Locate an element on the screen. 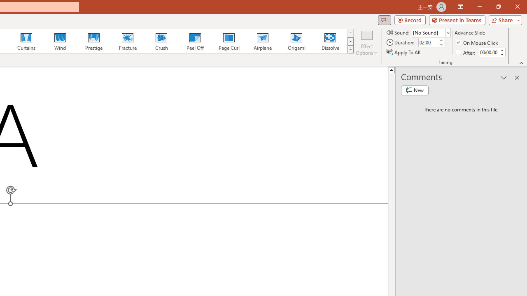  'Peel Off' is located at coordinates (194, 41).